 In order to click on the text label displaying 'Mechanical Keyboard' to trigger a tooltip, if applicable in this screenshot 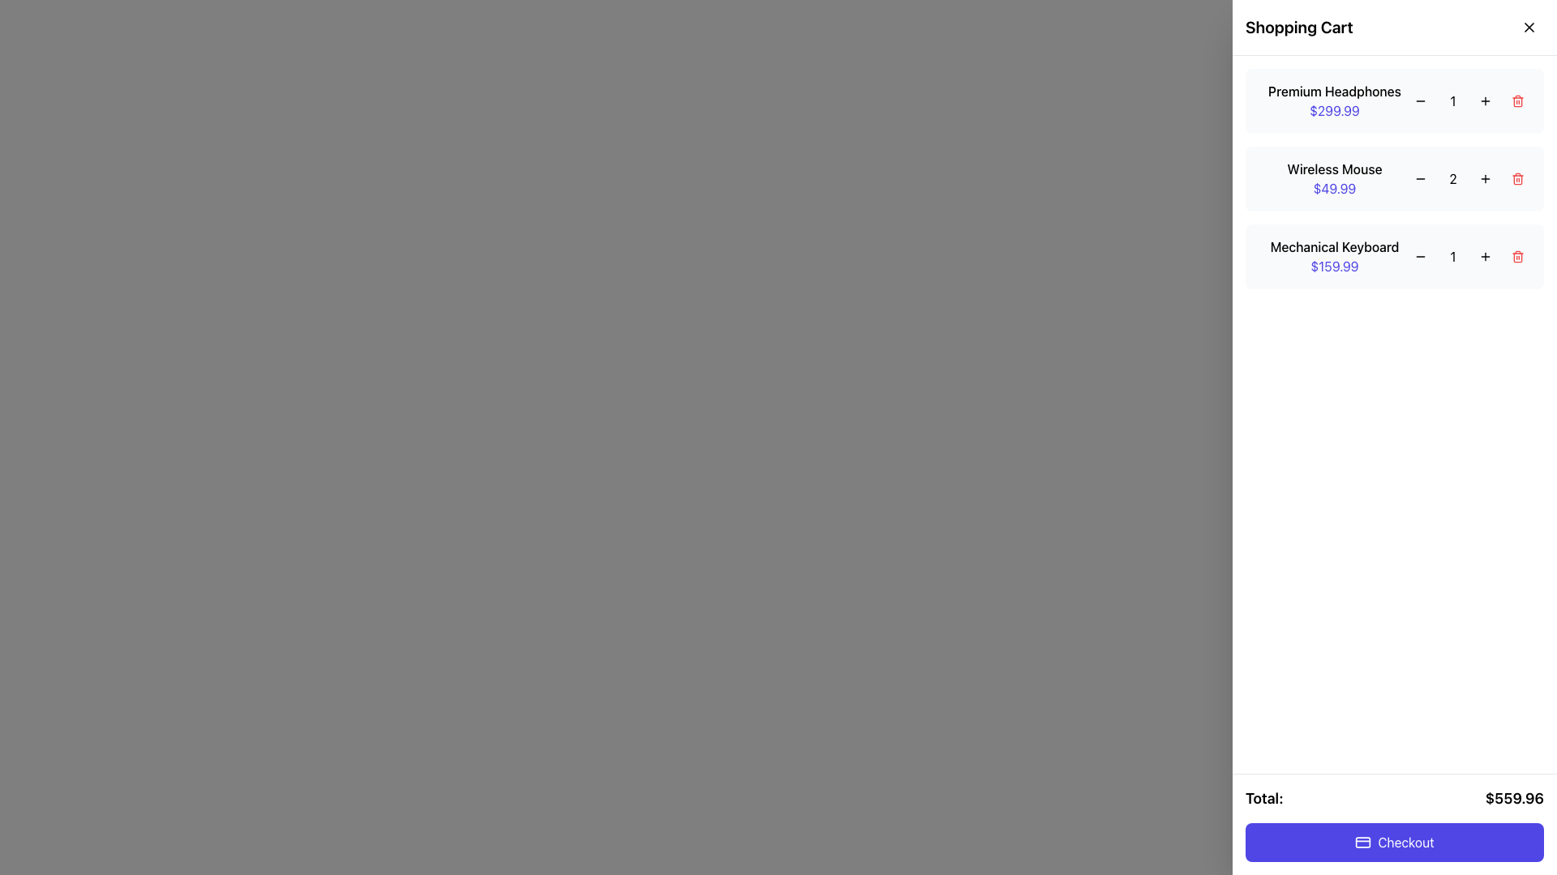, I will do `click(1335, 246)`.